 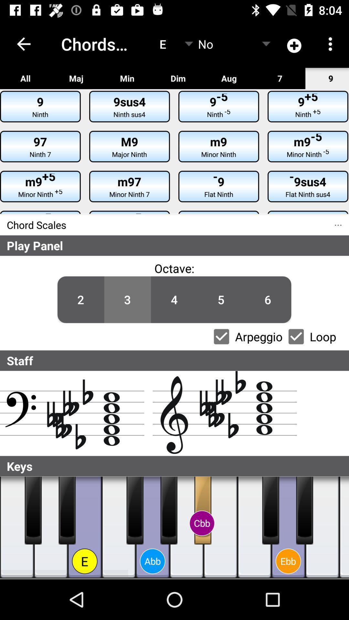 What do you see at coordinates (304, 510) in the screenshot?
I see `minor key` at bounding box center [304, 510].